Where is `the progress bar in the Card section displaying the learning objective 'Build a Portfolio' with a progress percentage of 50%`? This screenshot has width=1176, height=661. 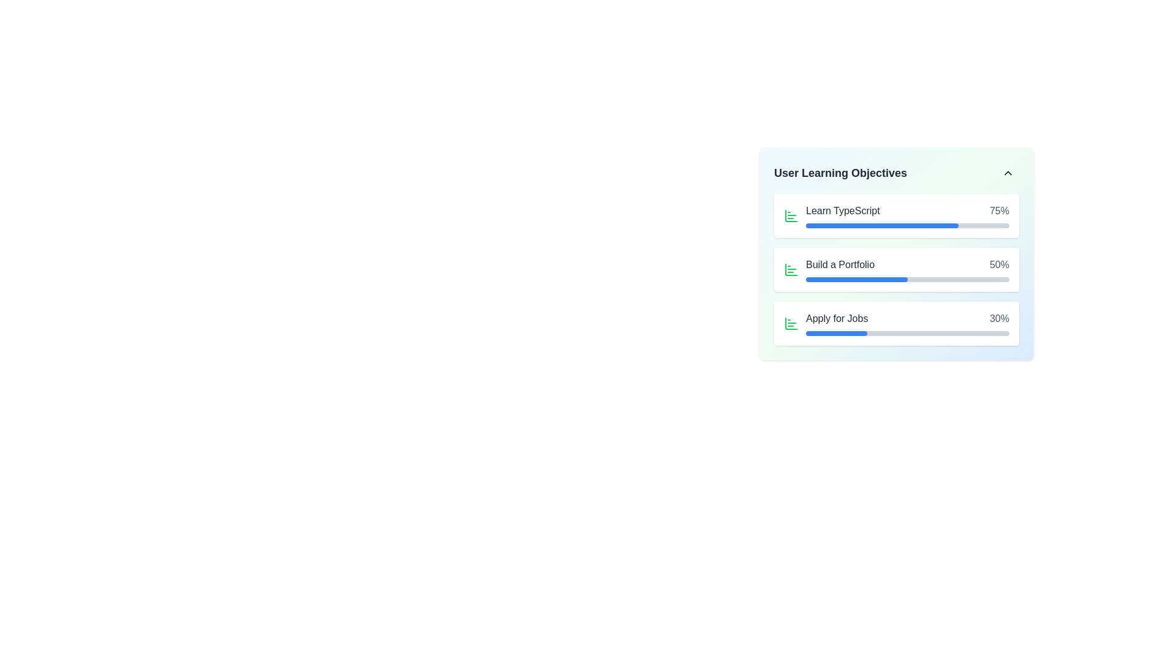 the progress bar in the Card section displaying the learning objective 'Build a Portfolio' with a progress percentage of 50% is located at coordinates (897, 253).